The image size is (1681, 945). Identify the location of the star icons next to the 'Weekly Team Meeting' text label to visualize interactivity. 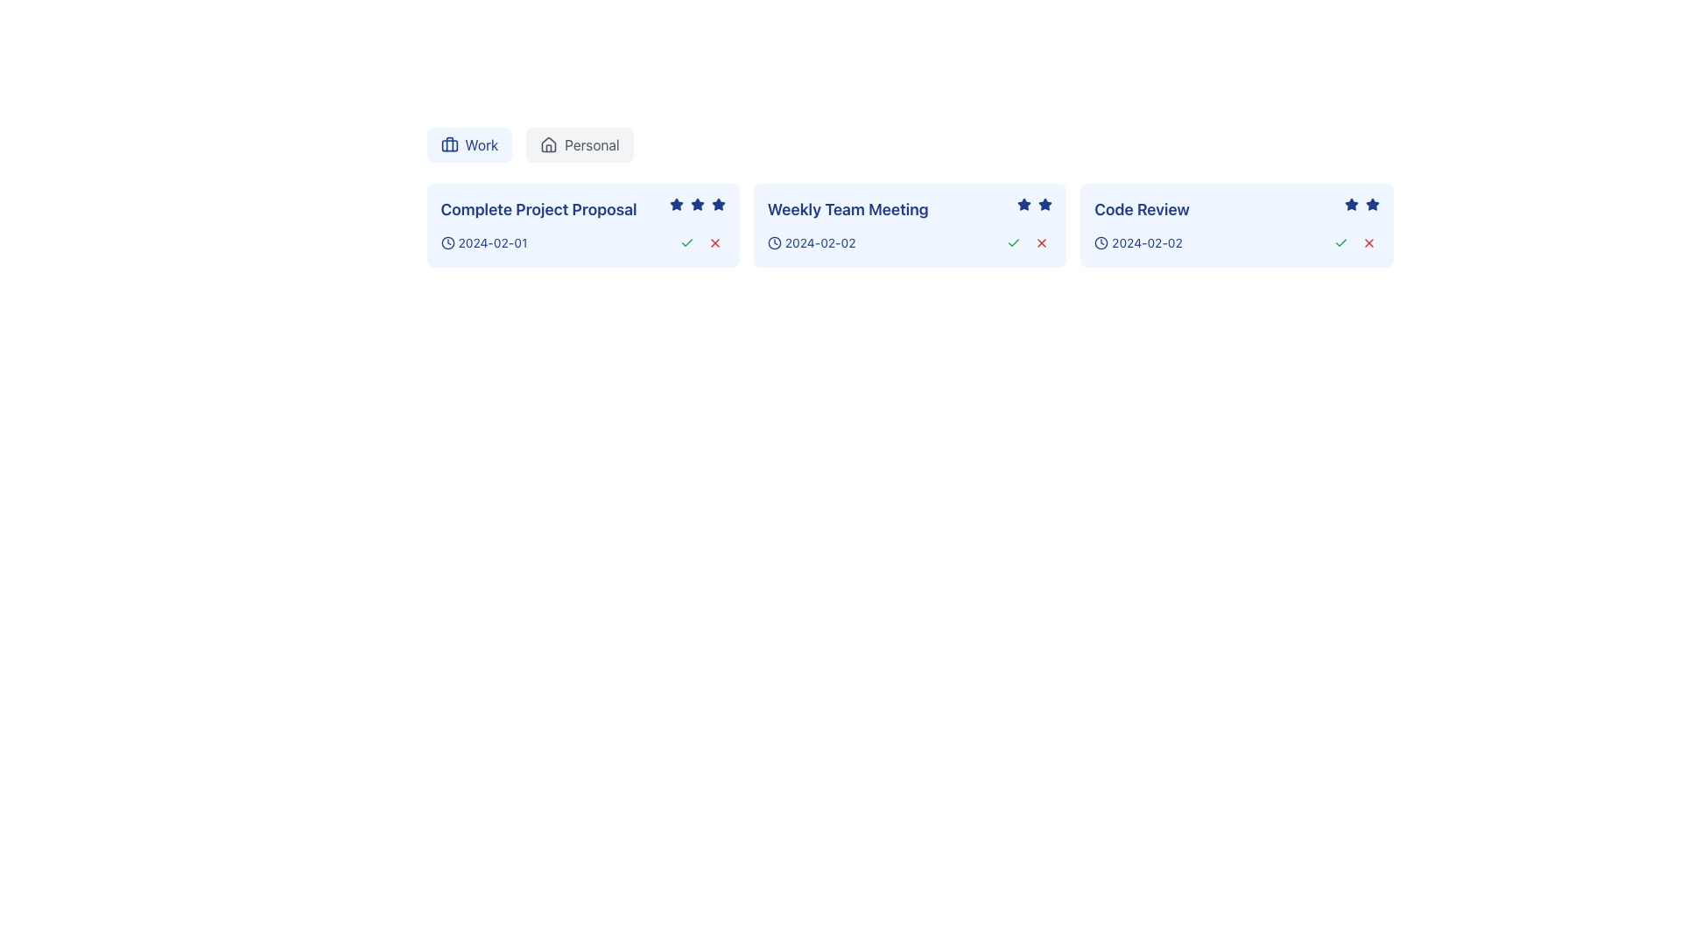
(910, 208).